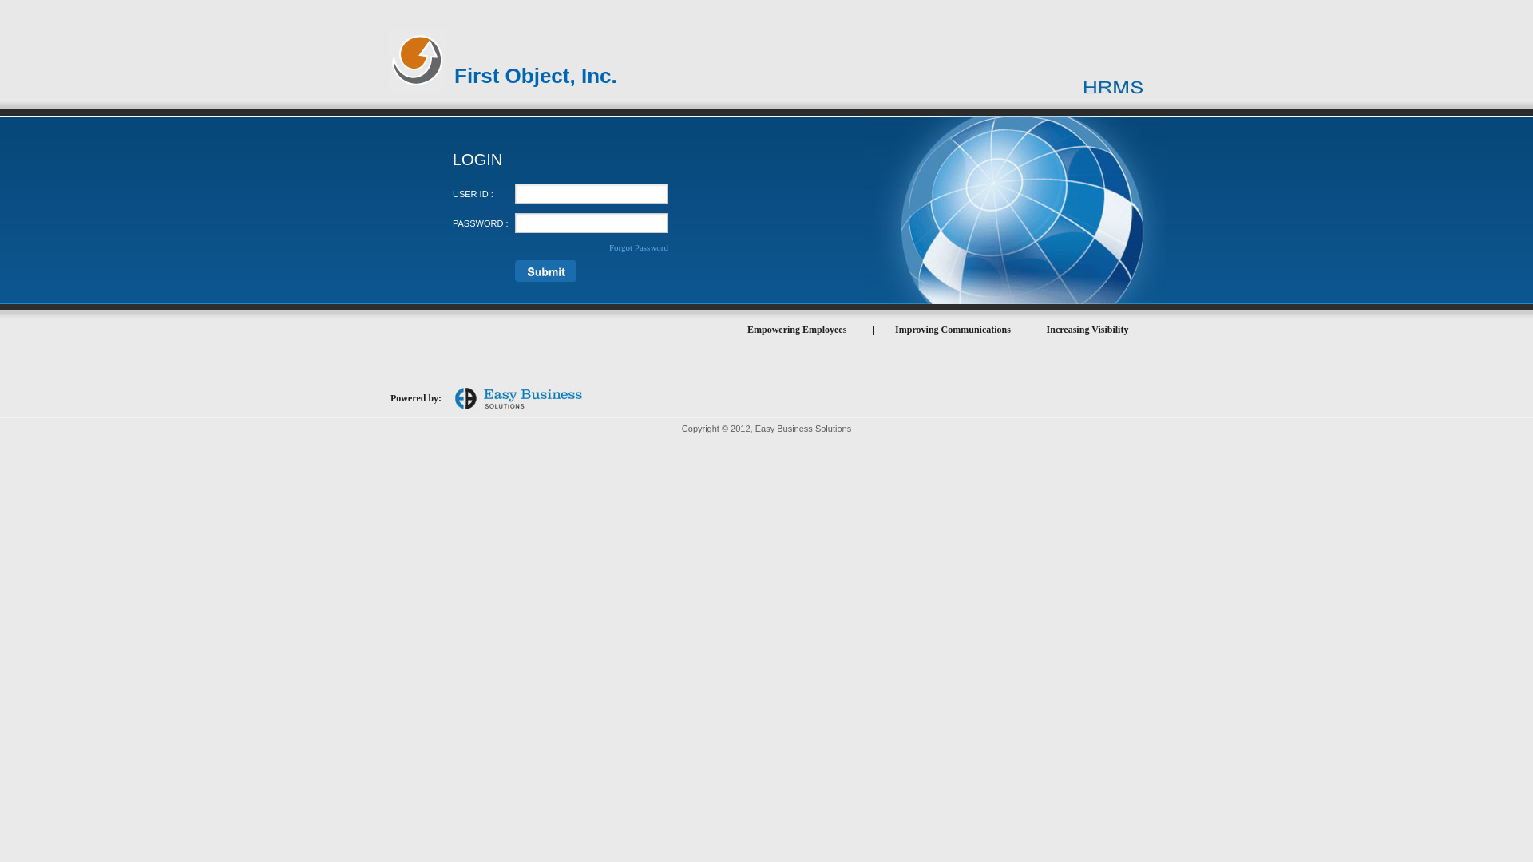  Describe the element at coordinates (639, 247) in the screenshot. I see `'Forgot Password'` at that location.